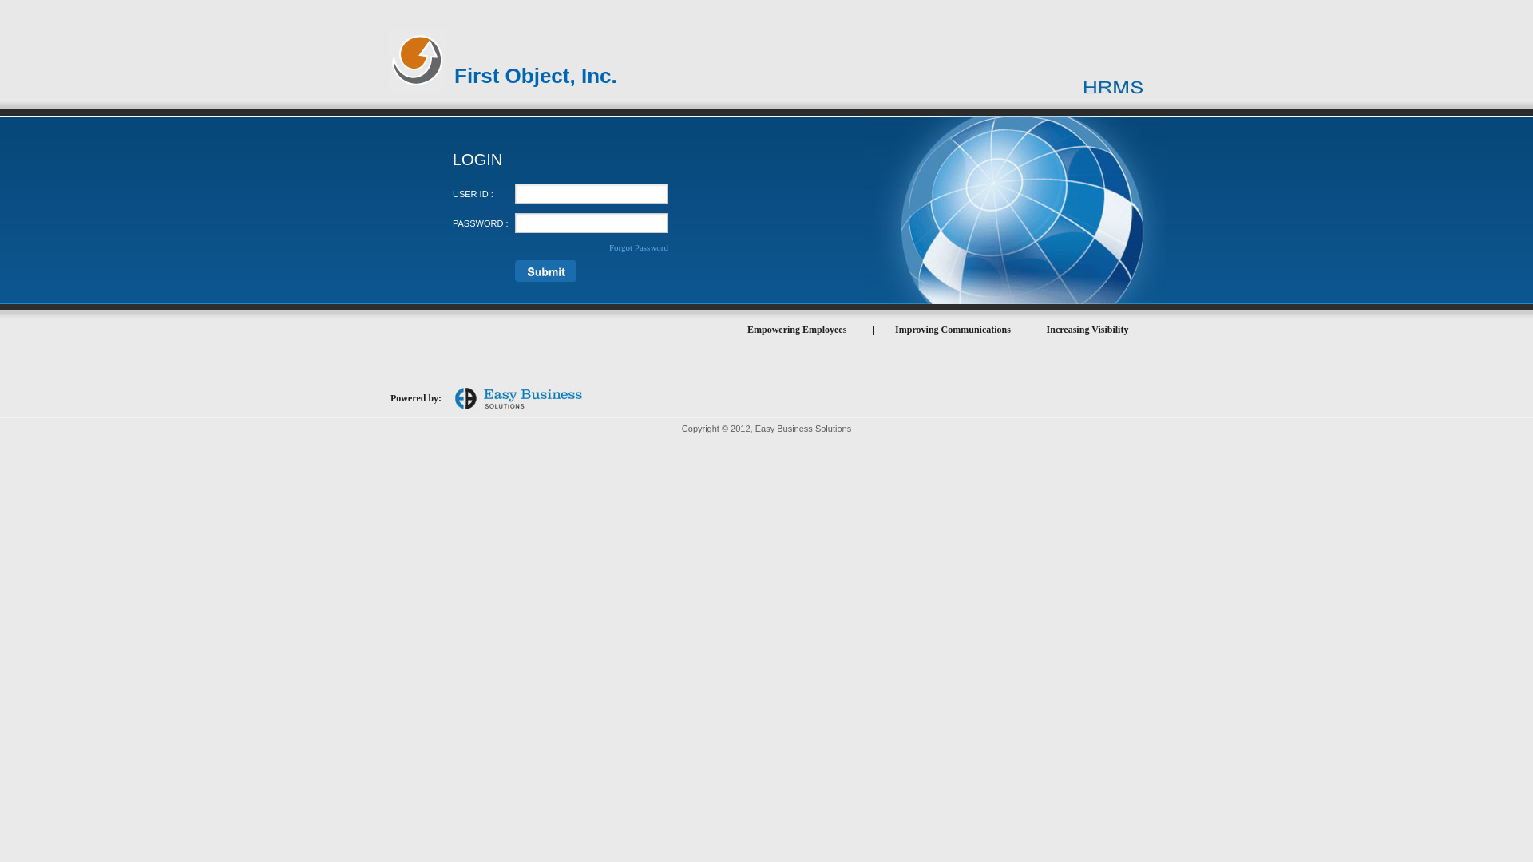  Describe the element at coordinates (639, 247) in the screenshot. I see `'Forgot Password'` at that location.